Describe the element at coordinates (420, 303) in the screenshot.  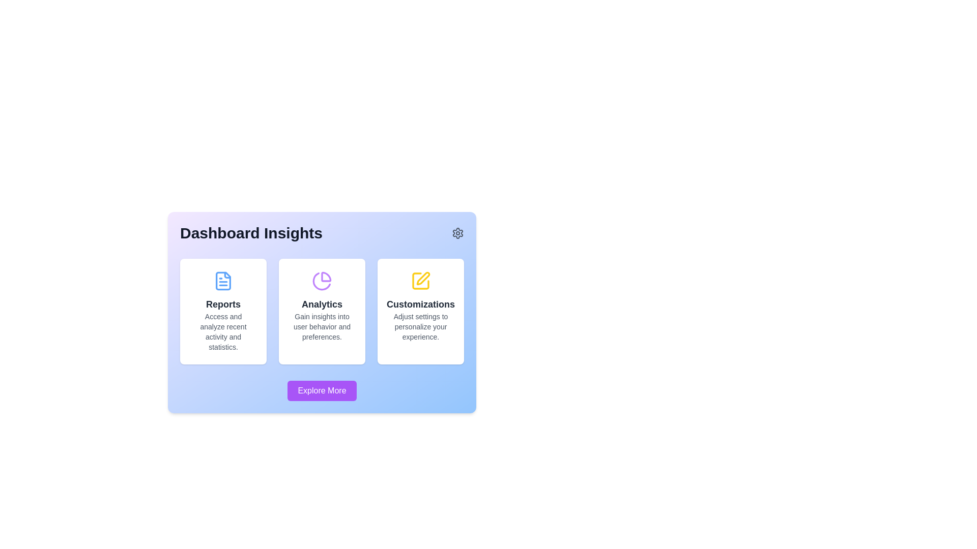
I see `text label that serves as the title for the customization settings in the third card of the Dashboard Insights interface, located directly below the yellow pen icon` at that location.